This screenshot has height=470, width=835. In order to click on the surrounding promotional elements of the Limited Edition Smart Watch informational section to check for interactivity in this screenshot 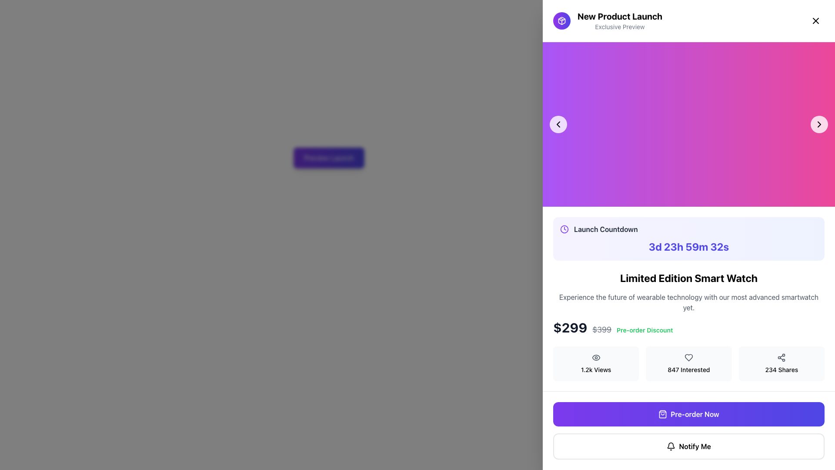, I will do `click(688, 303)`.